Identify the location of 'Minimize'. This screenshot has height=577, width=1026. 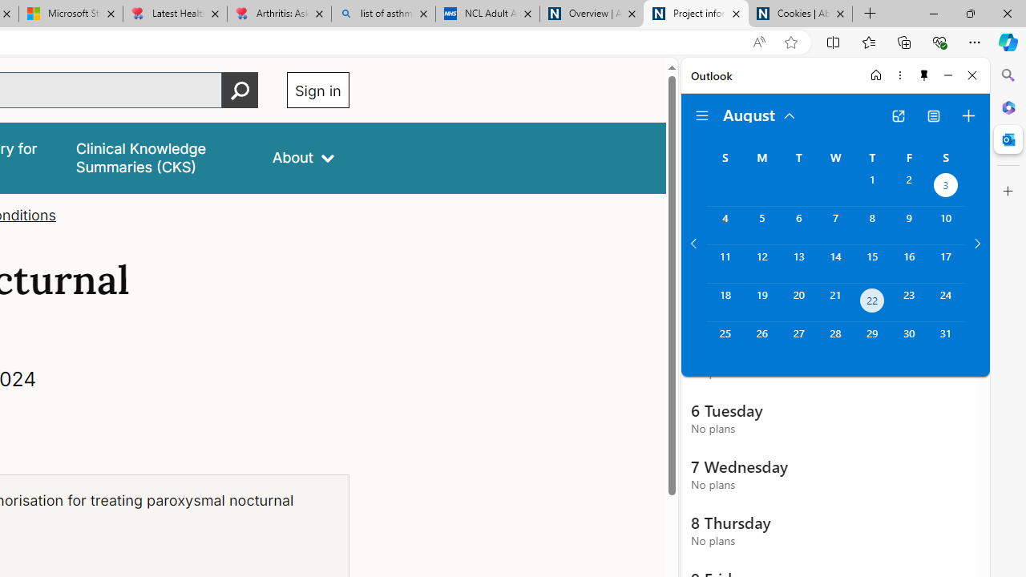
(947, 75).